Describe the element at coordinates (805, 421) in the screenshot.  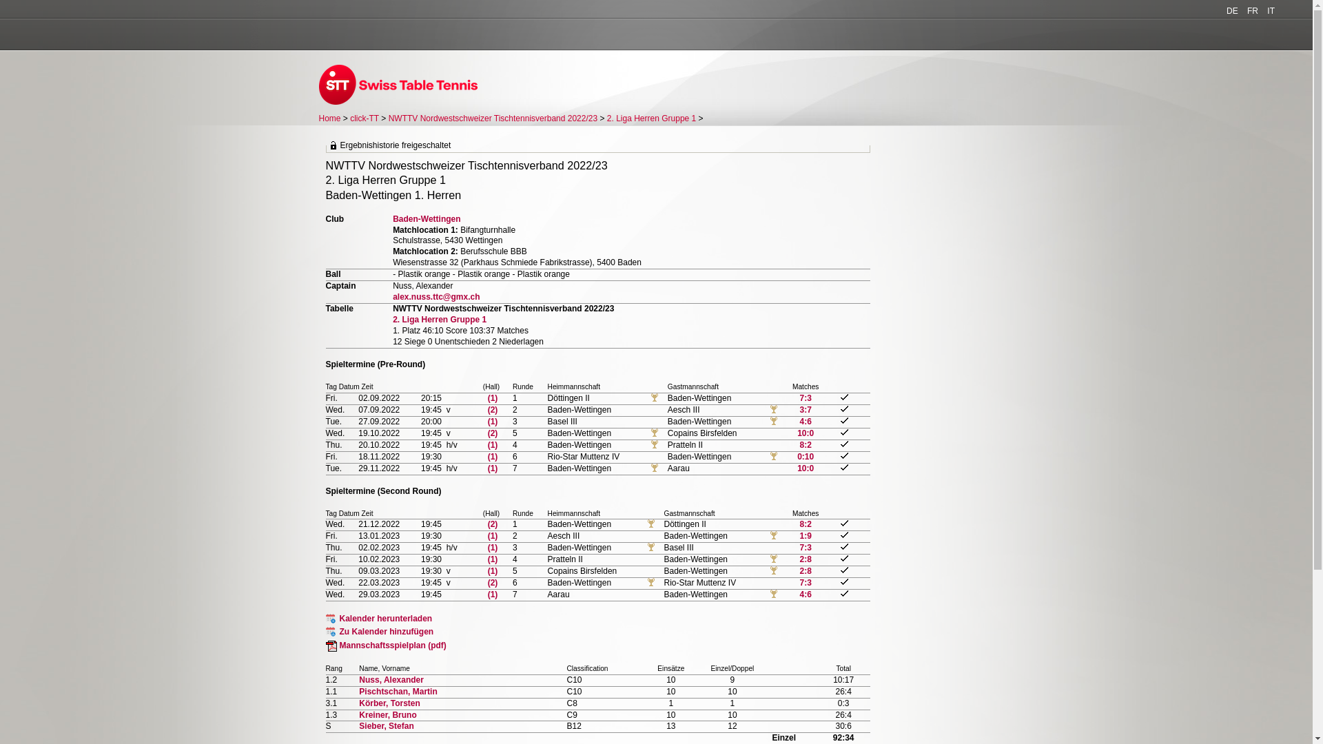
I see `'4:6'` at that location.